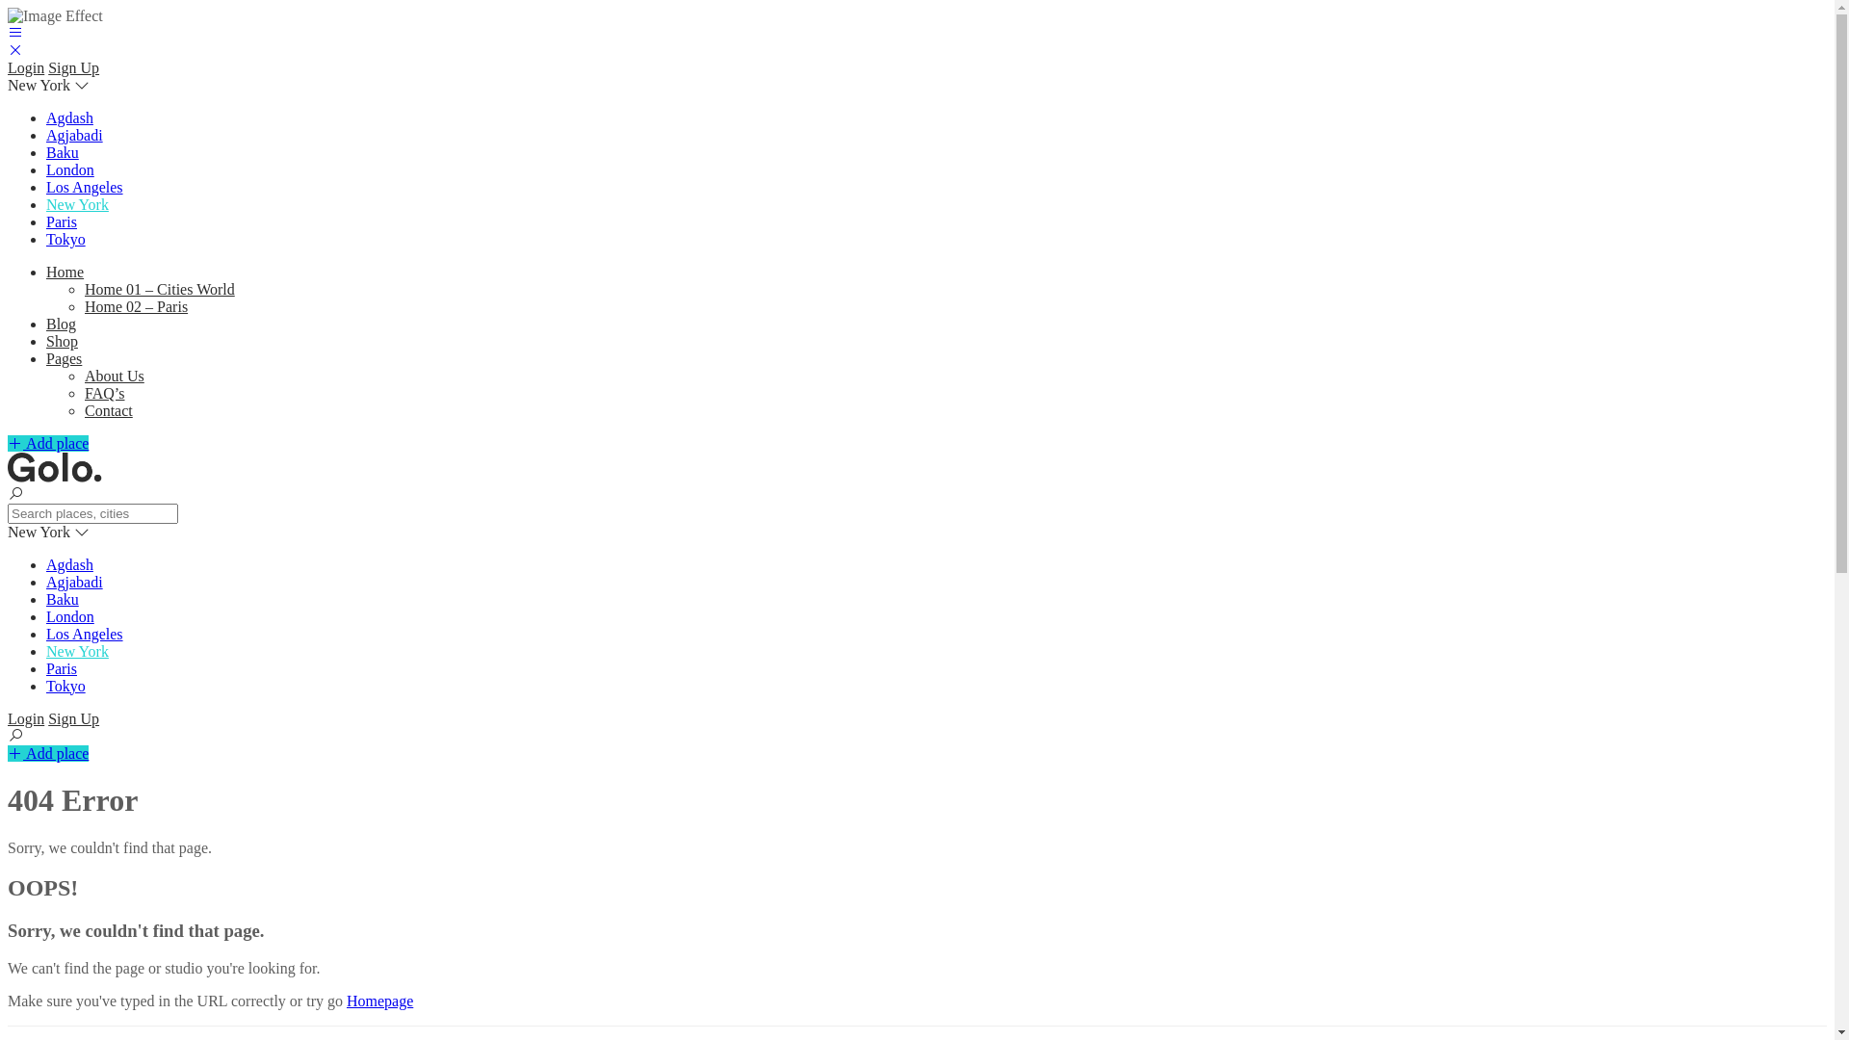 This screenshot has height=1040, width=1849. Describe the element at coordinates (73, 66) in the screenshot. I see `'Sign Up'` at that location.